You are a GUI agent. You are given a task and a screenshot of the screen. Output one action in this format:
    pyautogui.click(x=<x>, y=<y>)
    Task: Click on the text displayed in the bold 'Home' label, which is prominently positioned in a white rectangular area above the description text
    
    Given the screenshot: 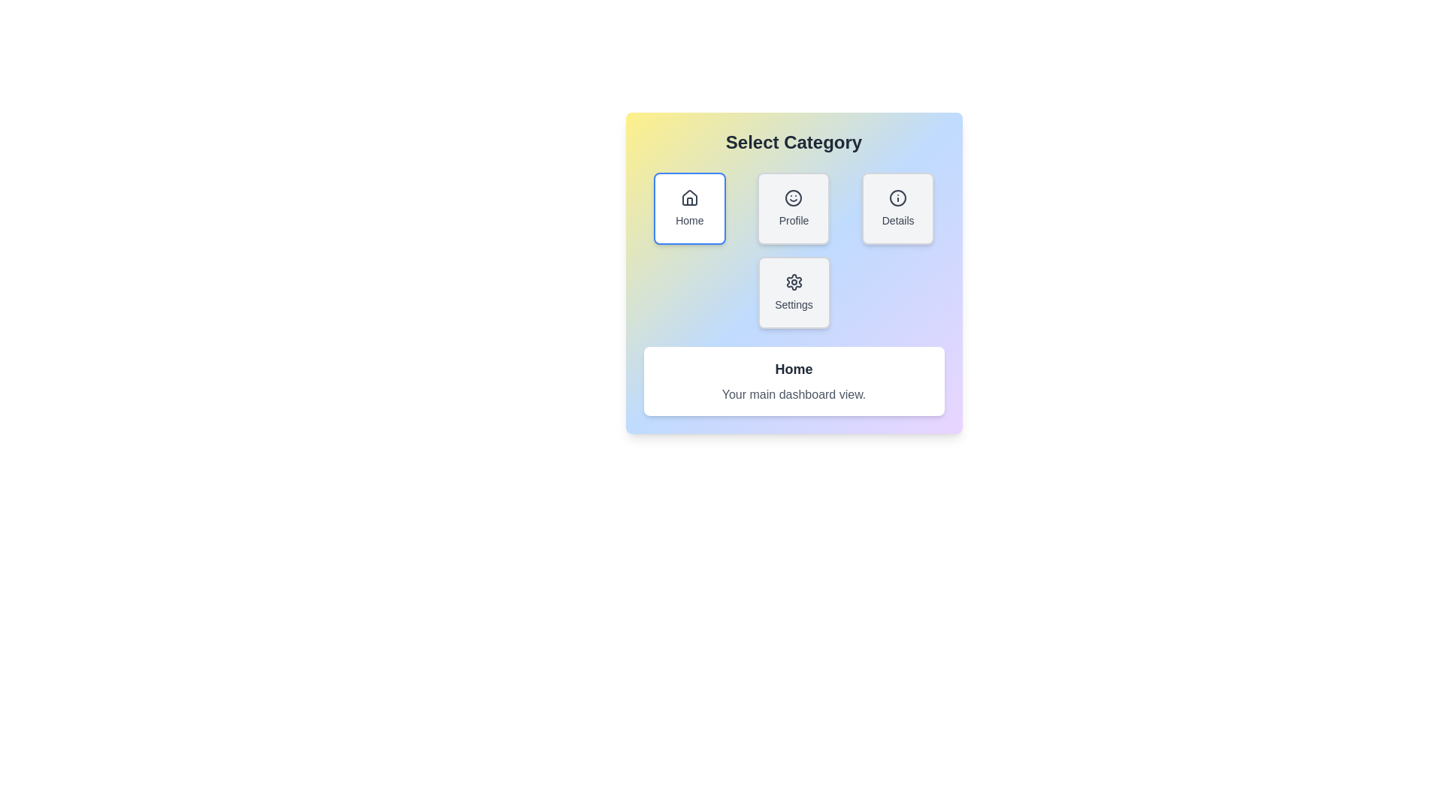 What is the action you would take?
    pyautogui.click(x=793, y=369)
    